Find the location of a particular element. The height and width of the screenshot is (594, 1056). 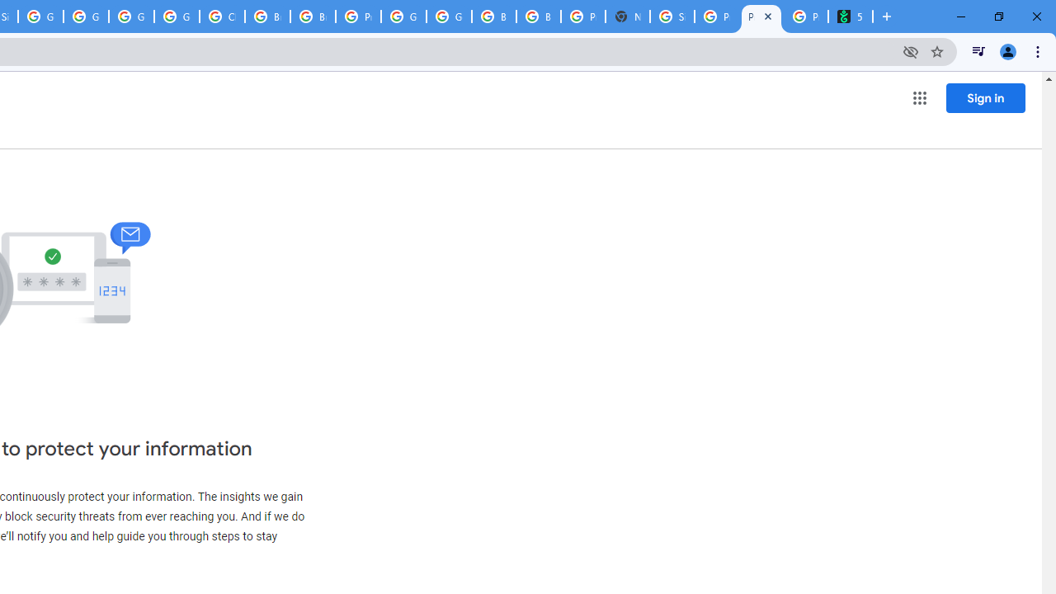

'New Tab' is located at coordinates (626, 16).